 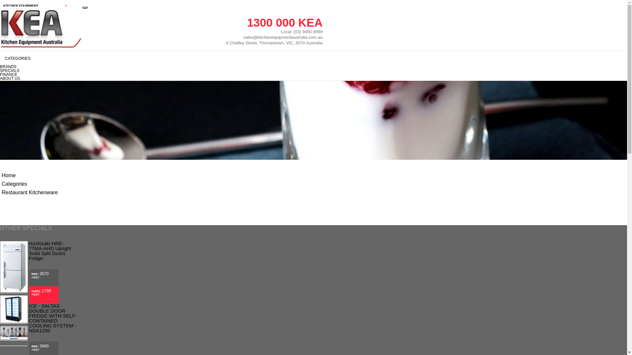 I want to click on 'COMMERCIAL COFFEE EQUIPMENT', so click(x=36, y=134).